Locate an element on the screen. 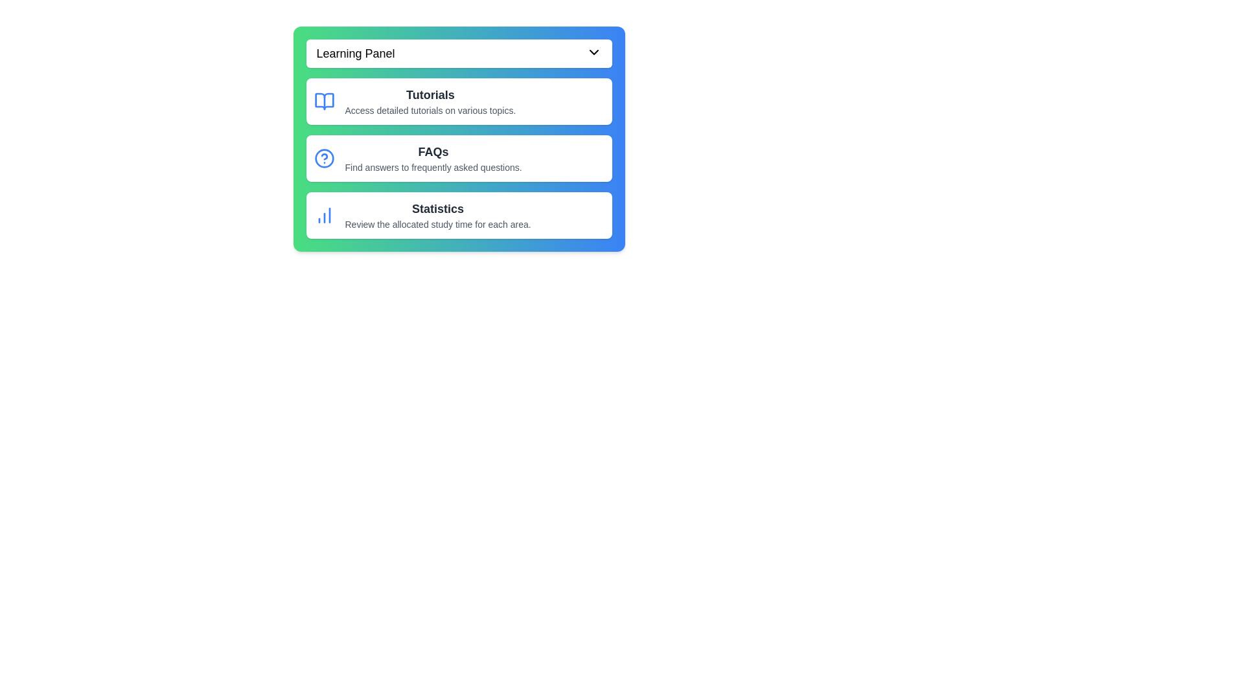 The height and width of the screenshot is (699, 1244). the main button labeled 'Learning Panel' to toggle the panel's visibility is located at coordinates (459, 53).